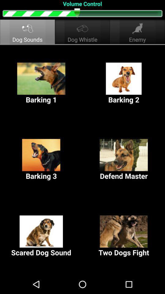 The height and width of the screenshot is (294, 165). What do you see at coordinates (124, 236) in the screenshot?
I see `the two dogs fight icon` at bounding box center [124, 236].